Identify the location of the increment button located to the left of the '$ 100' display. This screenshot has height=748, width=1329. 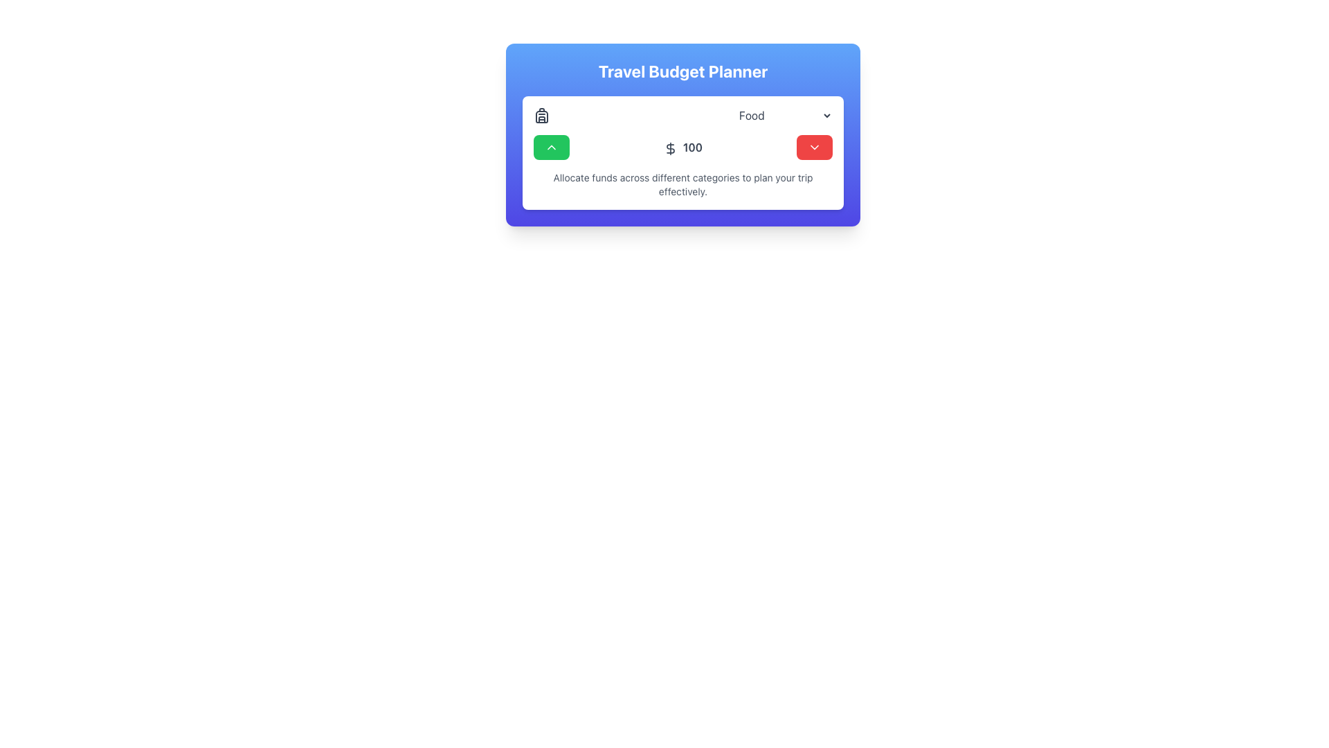
(550, 147).